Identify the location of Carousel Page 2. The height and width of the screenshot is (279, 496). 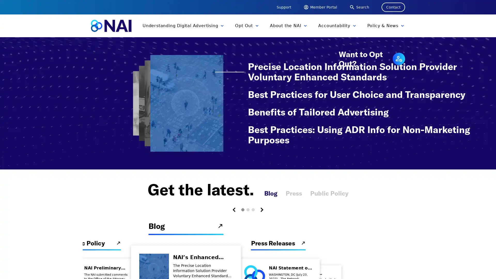
(248, 210).